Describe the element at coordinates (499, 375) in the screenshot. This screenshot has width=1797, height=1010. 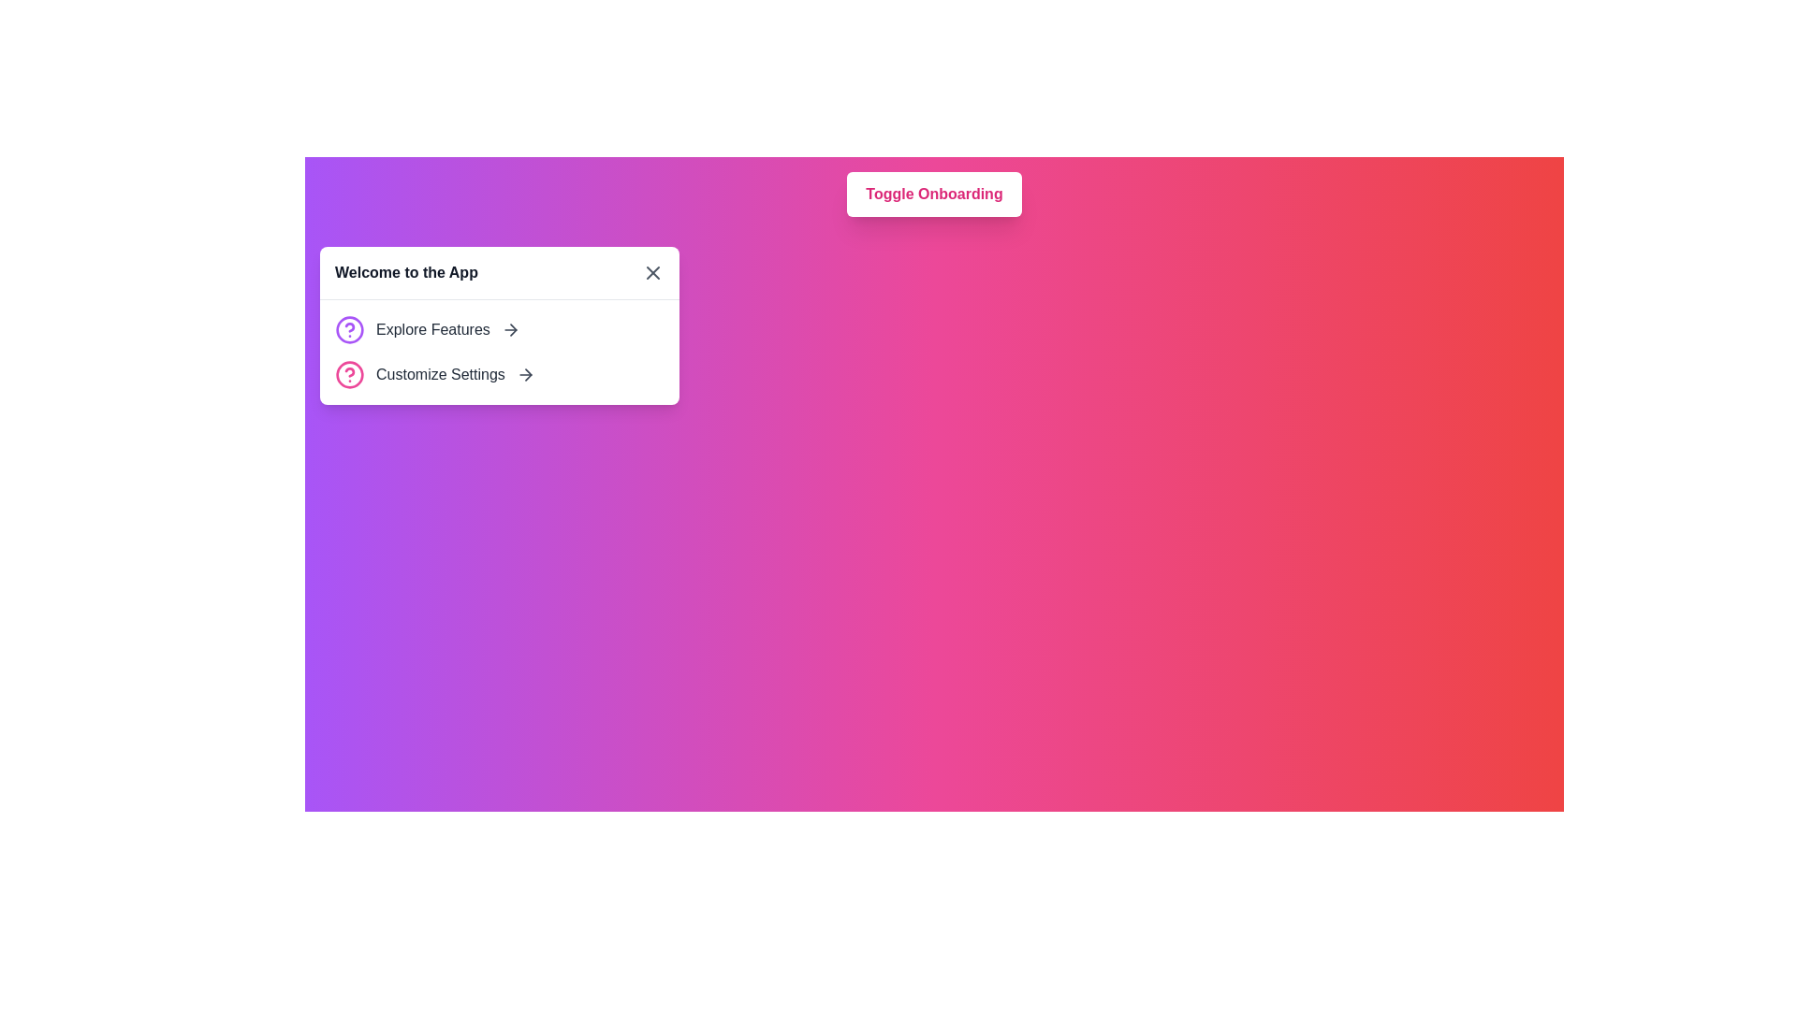
I see `the arrow icon of the 'Customize Settings' list item to navigate` at that location.